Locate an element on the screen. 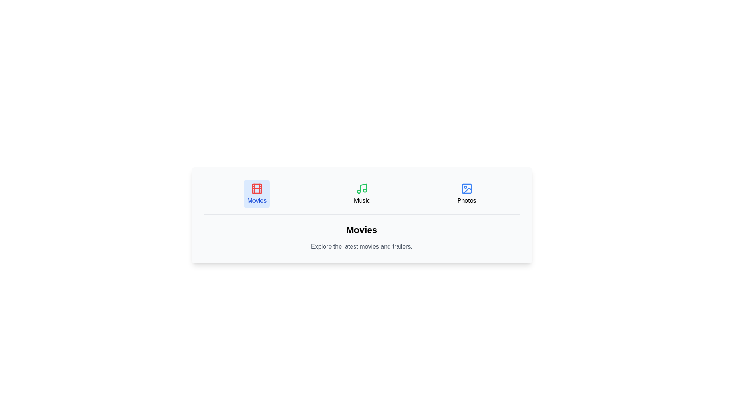  the tab labeled Movies to switch the content is located at coordinates (257, 193).